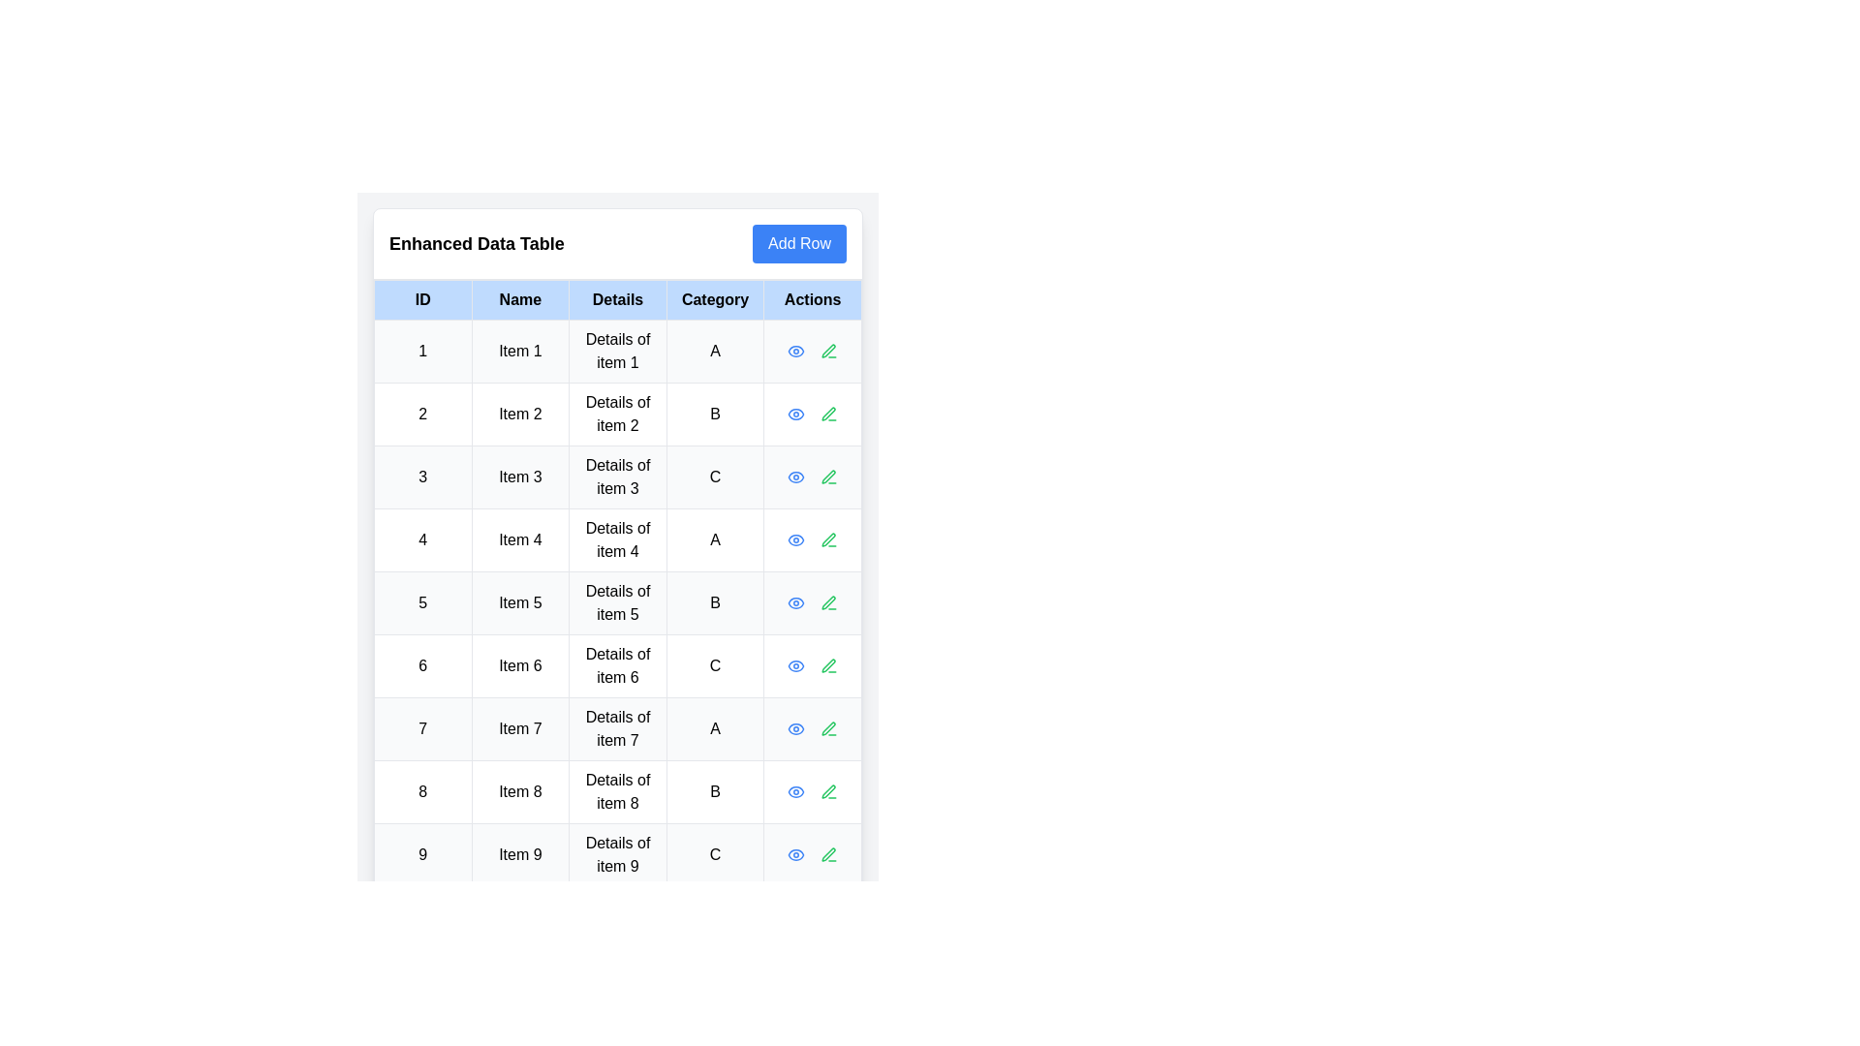  I want to click on the edit button located in the 'Actions' column of the eighth row in the table to initiate editing of the corresponding row's data, so click(829, 791).